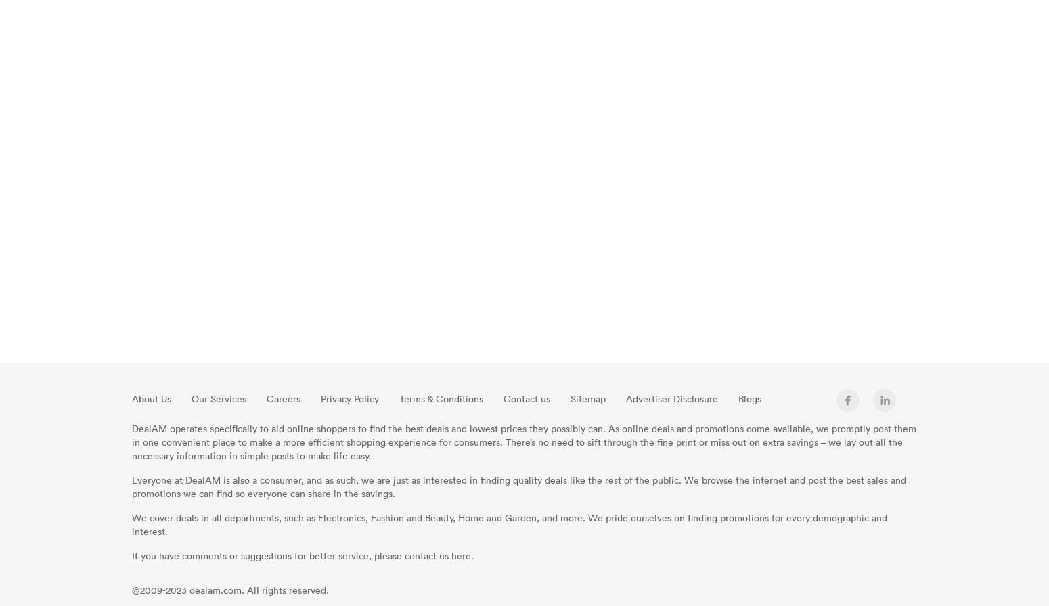 The height and width of the screenshot is (606, 1049). What do you see at coordinates (283, 398) in the screenshot?
I see `'Careers'` at bounding box center [283, 398].